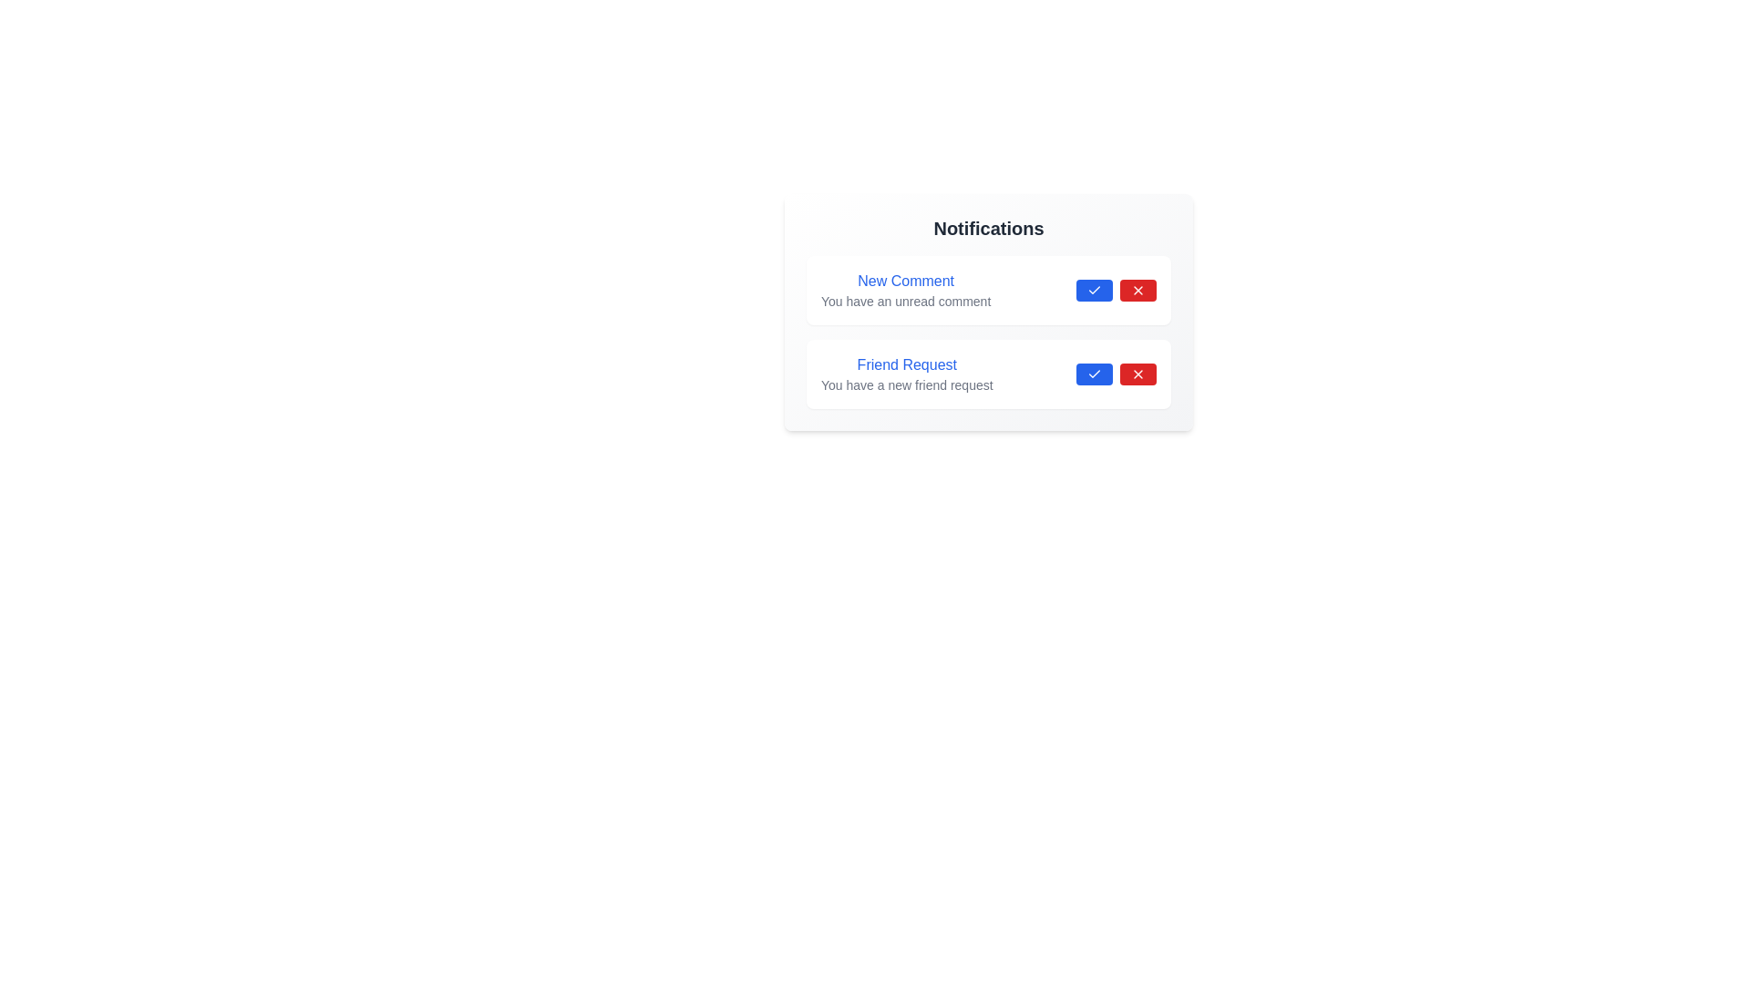 The width and height of the screenshot is (1750, 984). Describe the element at coordinates (1137, 374) in the screenshot. I see `the dismiss/reject button located in the bottom-right position of the notification card labeled 'Friend Request'` at that location.